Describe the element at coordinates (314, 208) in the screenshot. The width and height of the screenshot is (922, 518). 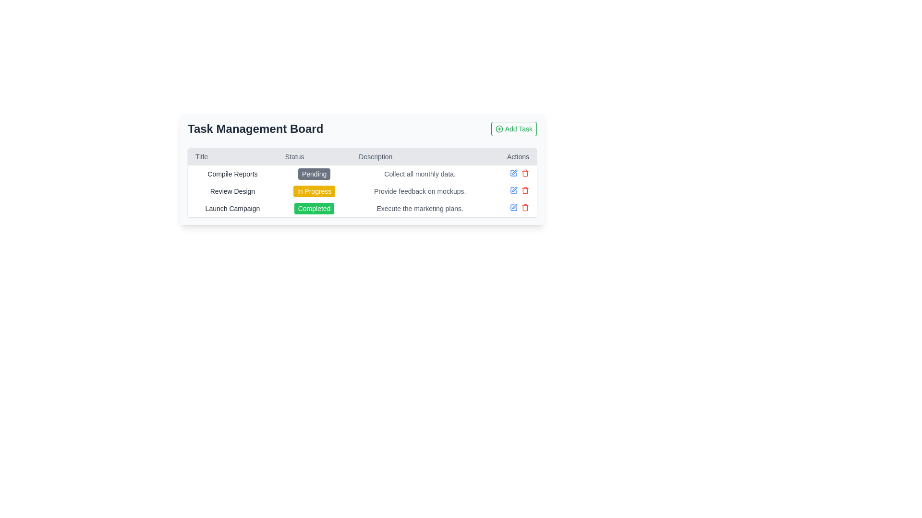
I see `the status indicator for the task labeled 'Launch Campaign', which indicates that the status is completed, located in the 'Status' column next to 'Execute the marketing plans'` at that location.